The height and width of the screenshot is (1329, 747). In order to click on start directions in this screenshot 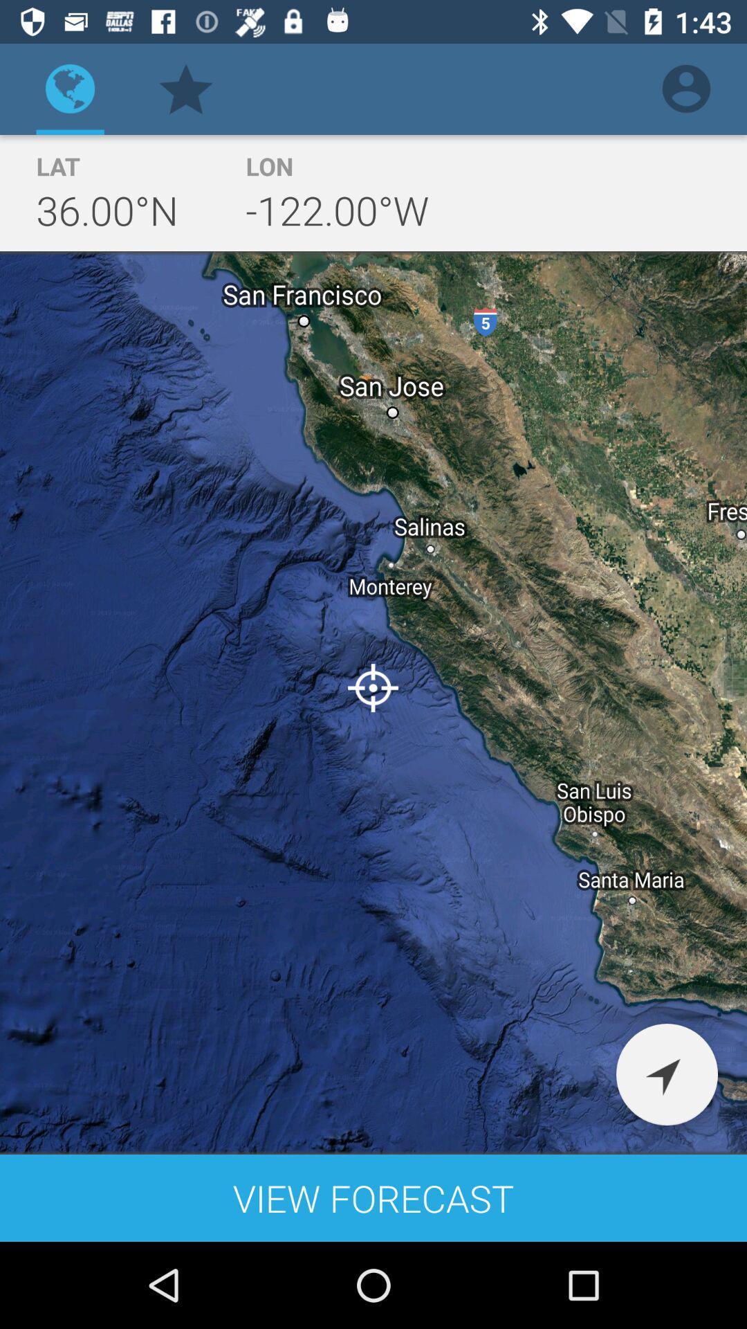, I will do `click(666, 1074)`.